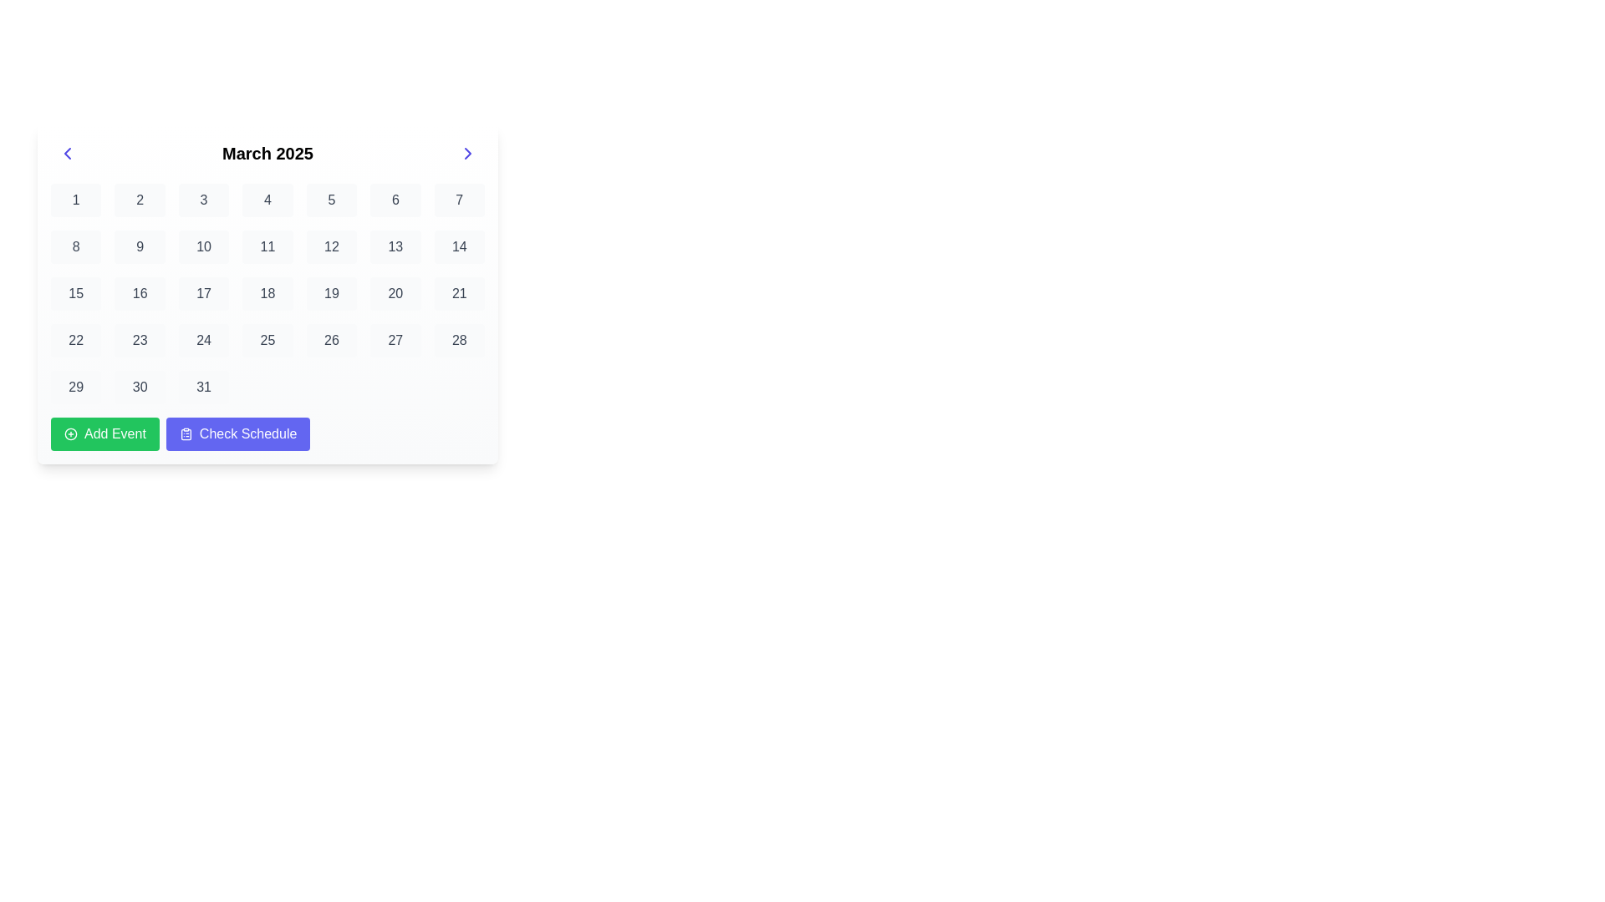 This screenshot has width=1605, height=902. What do you see at coordinates (468, 154) in the screenshot?
I see `the navigational arrow icon located near the upper-right corner of the calendar interface to move to the next month` at bounding box center [468, 154].